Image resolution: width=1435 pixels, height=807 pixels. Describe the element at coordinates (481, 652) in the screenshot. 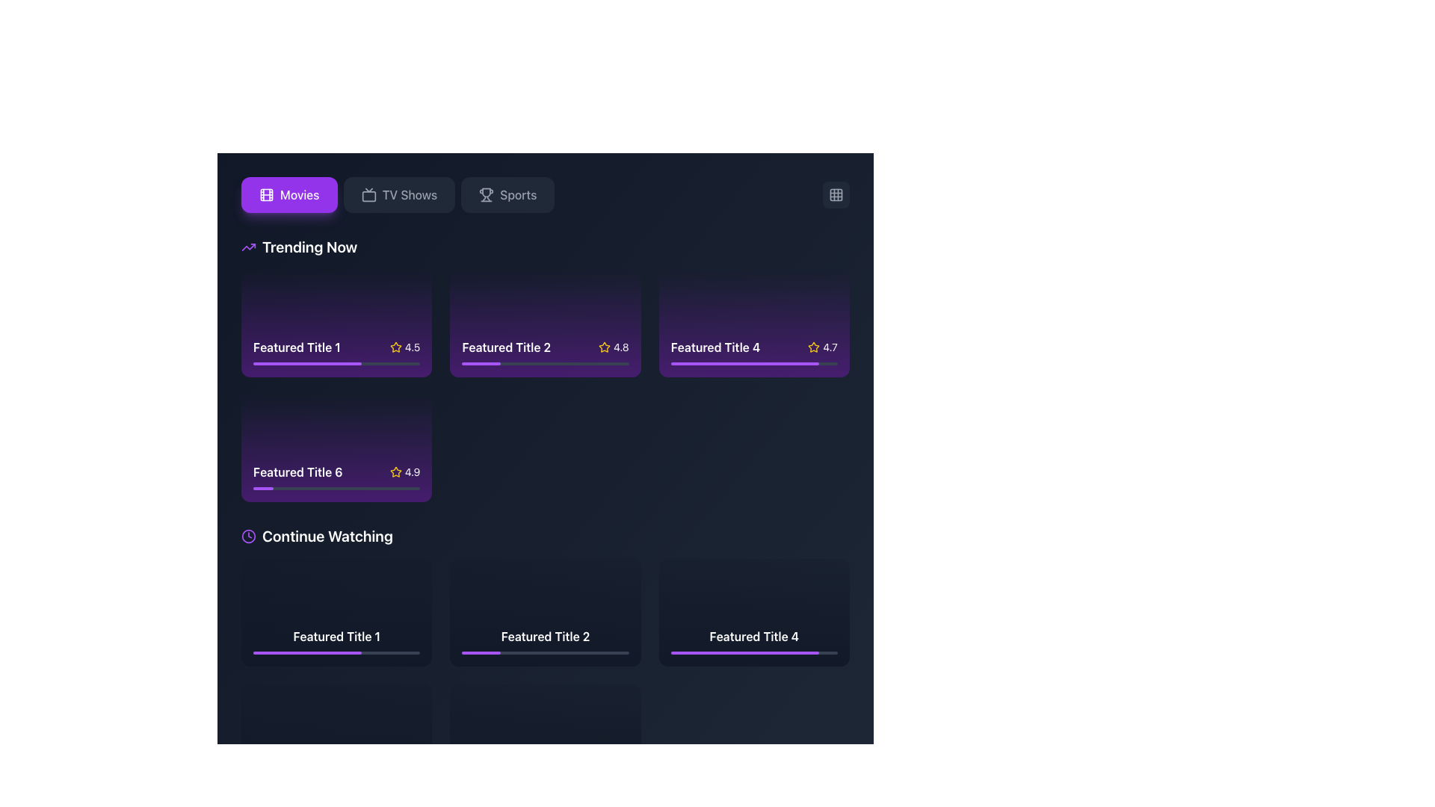

I see `the filled portion of the progress bar in the 'Continue Watching' section associated with 'Featured Title 2'` at that location.